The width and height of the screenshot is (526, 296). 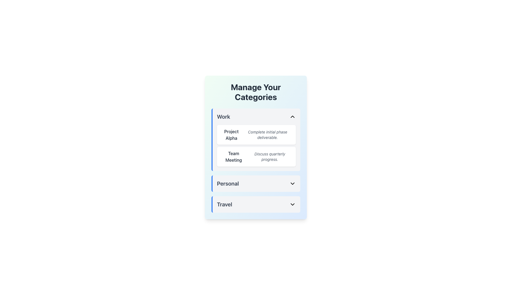 I want to click on the text label that serves as a title for the associated task in the 'Work' category, positioned to the left of the descriptive text, so click(x=231, y=135).